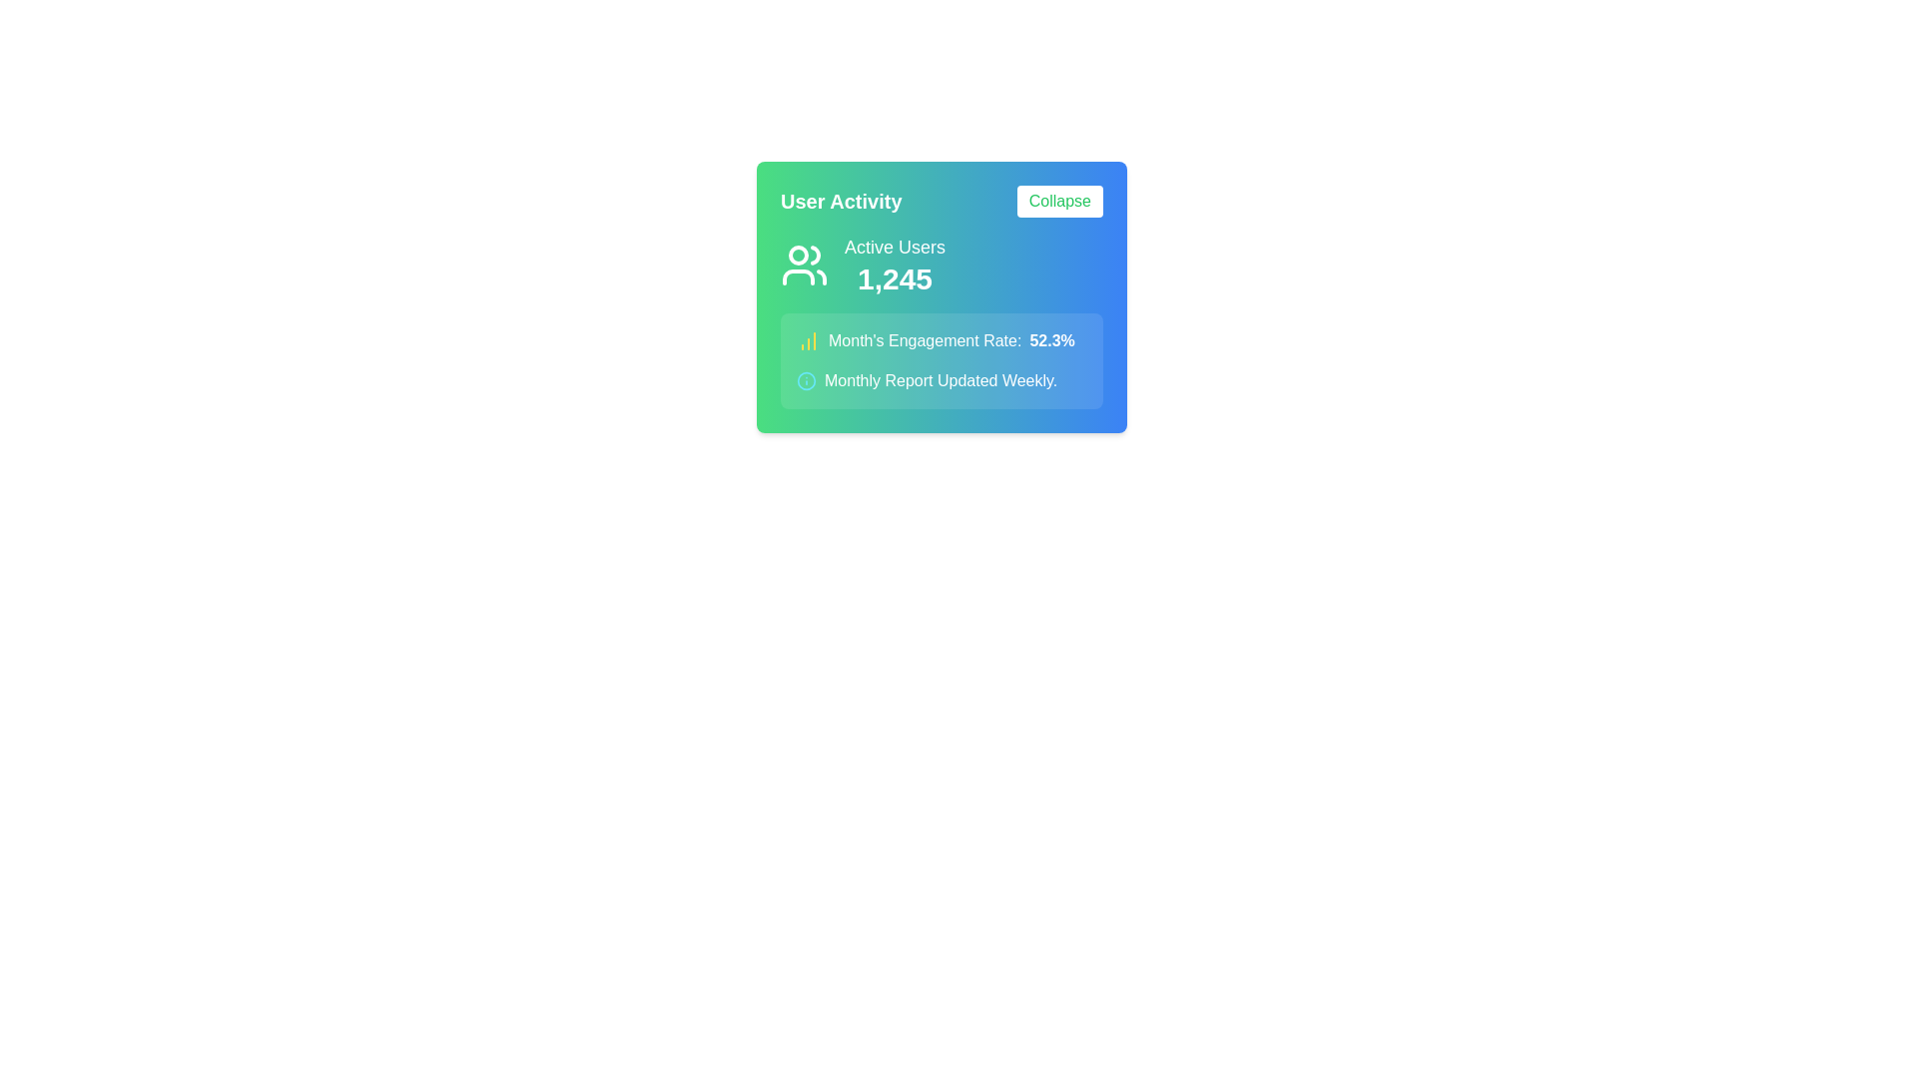  Describe the element at coordinates (894, 246) in the screenshot. I see `the 'Active Users' text label displayed in white color against a gradient background in the User Activity section, which is positioned above the number '1,245'` at that location.